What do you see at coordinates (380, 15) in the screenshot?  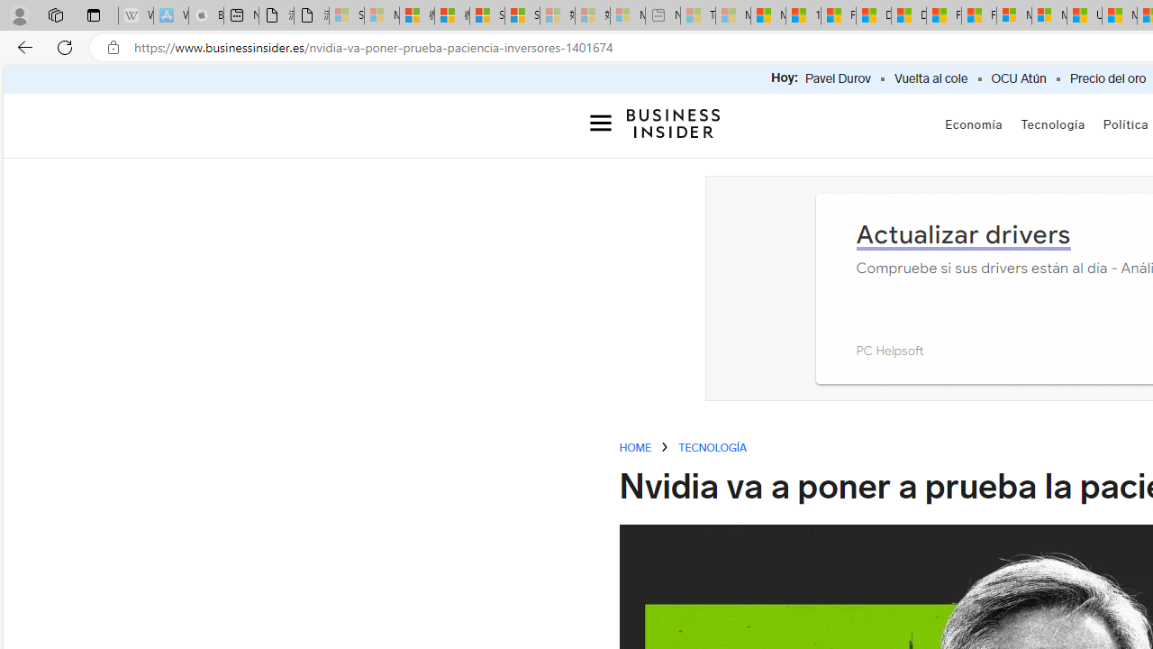 I see `'Microsoft Services Agreement - Sleeping'` at bounding box center [380, 15].